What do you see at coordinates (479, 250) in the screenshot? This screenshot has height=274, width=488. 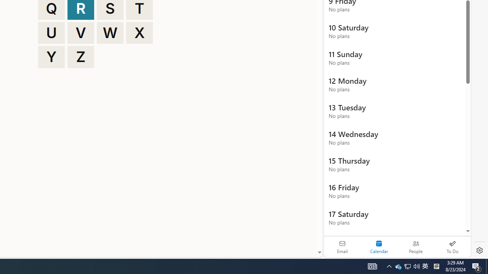 I see `'Settings'` at bounding box center [479, 250].